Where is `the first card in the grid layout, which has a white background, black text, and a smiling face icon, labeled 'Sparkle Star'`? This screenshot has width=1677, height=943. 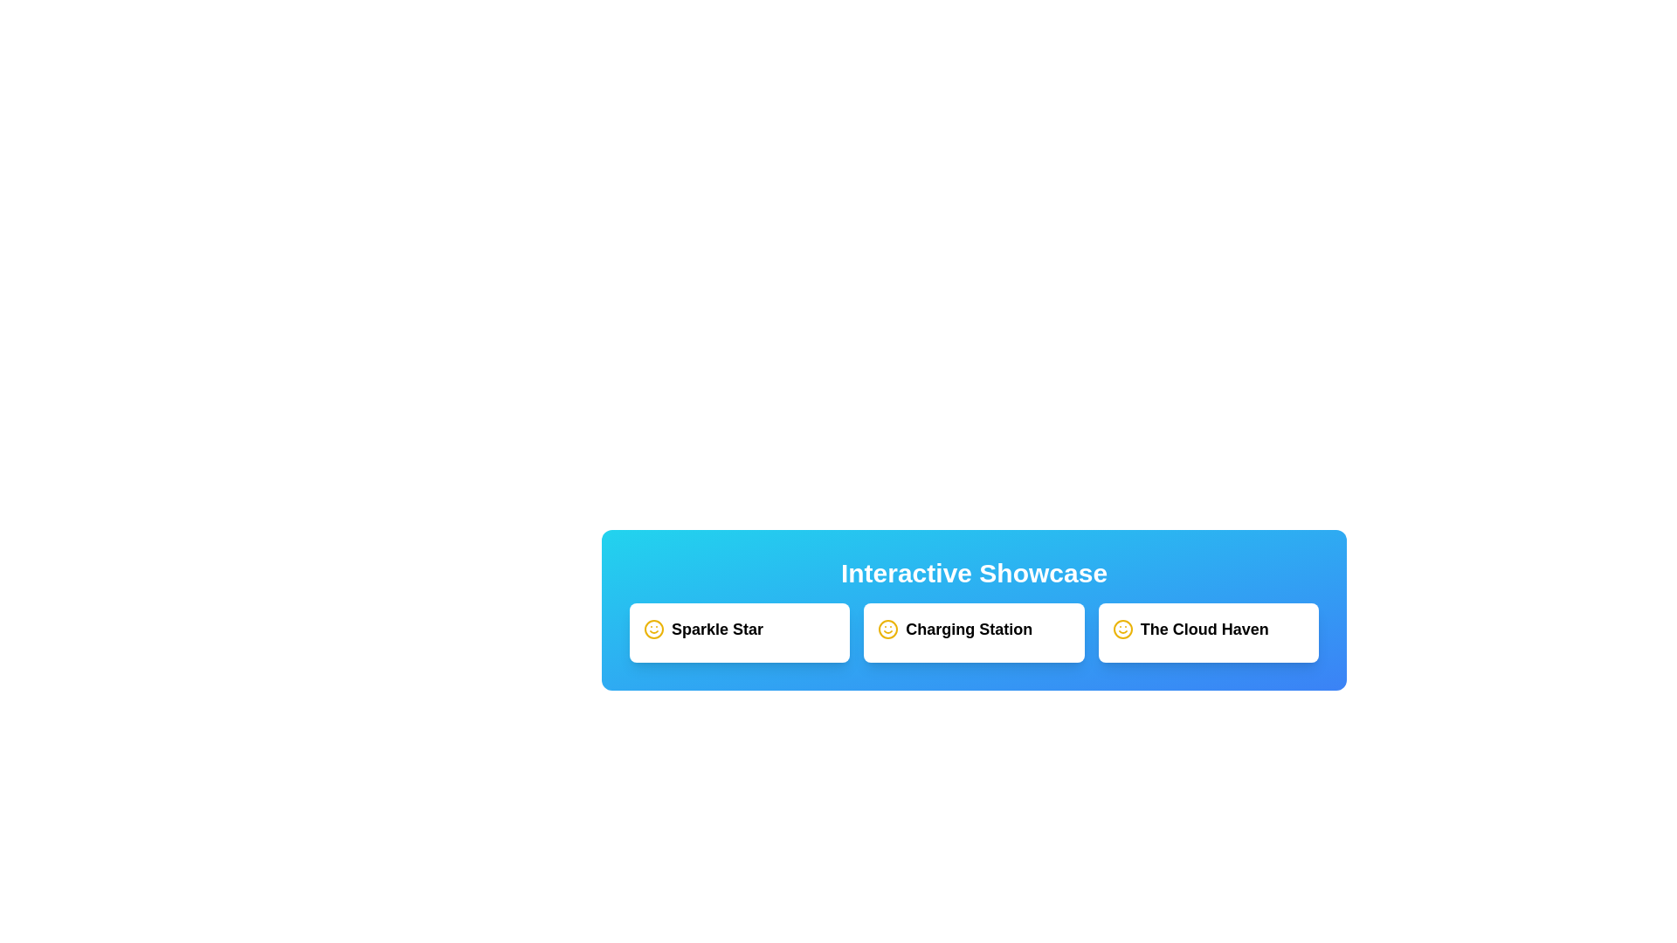
the first card in the grid layout, which has a white background, black text, and a smiling face icon, labeled 'Sparkle Star' is located at coordinates (740, 633).